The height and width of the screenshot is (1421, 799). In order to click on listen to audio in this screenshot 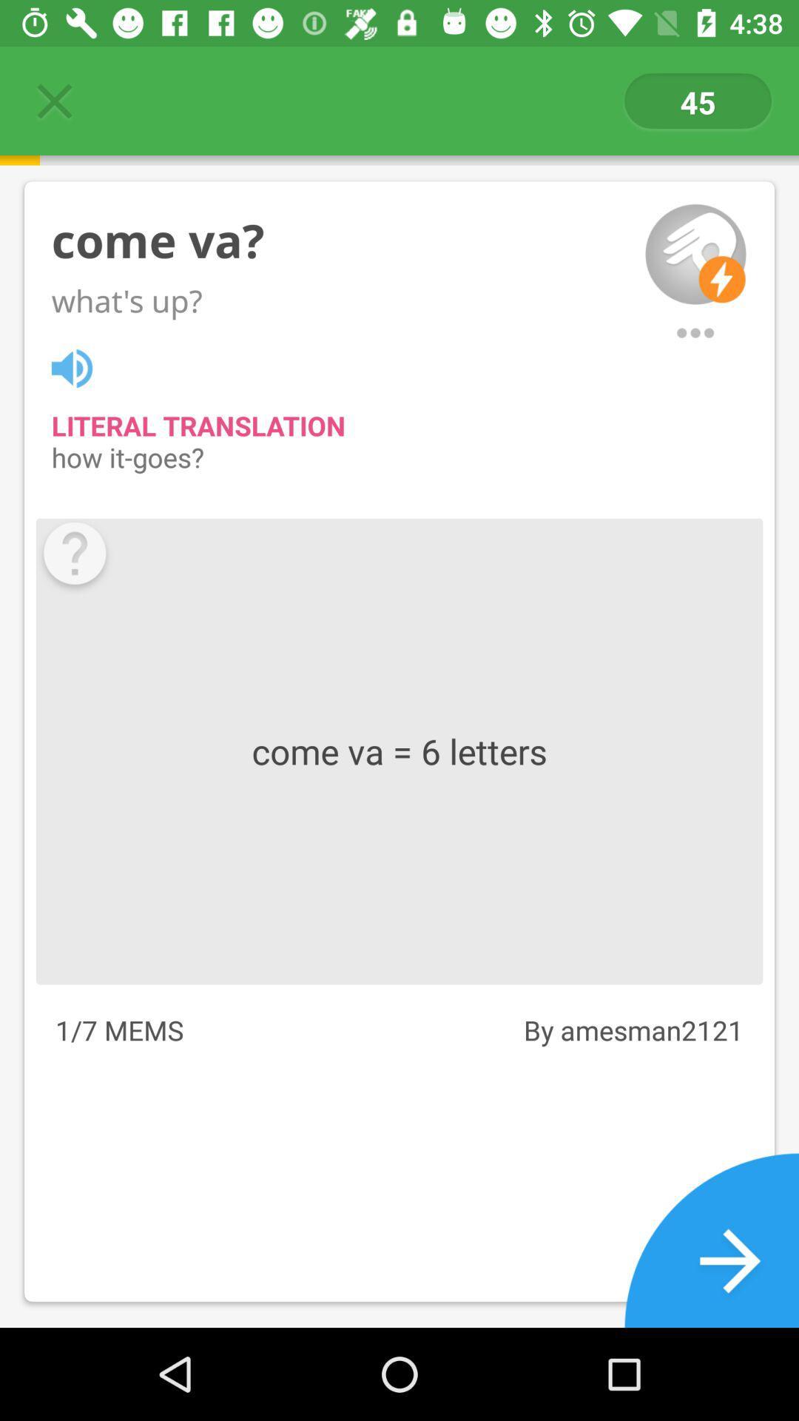, I will do `click(80, 366)`.